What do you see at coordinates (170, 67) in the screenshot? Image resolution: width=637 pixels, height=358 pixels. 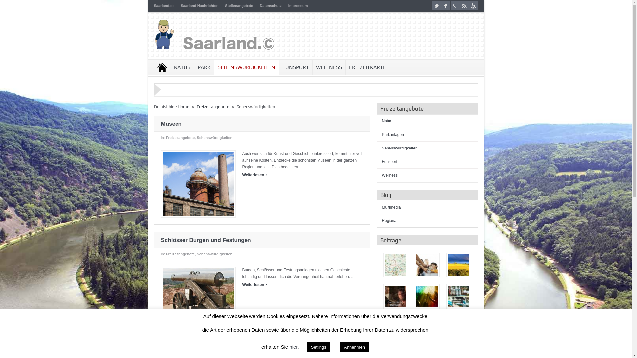 I see `'NATUR'` at bounding box center [170, 67].